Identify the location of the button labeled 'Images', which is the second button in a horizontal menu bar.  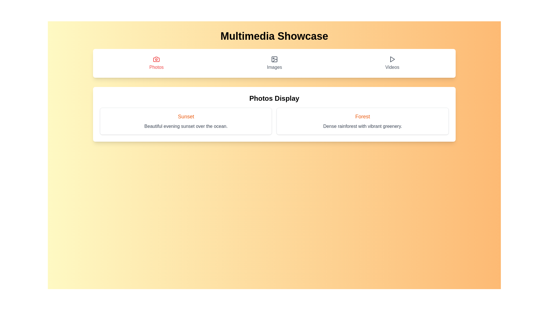
(274, 63).